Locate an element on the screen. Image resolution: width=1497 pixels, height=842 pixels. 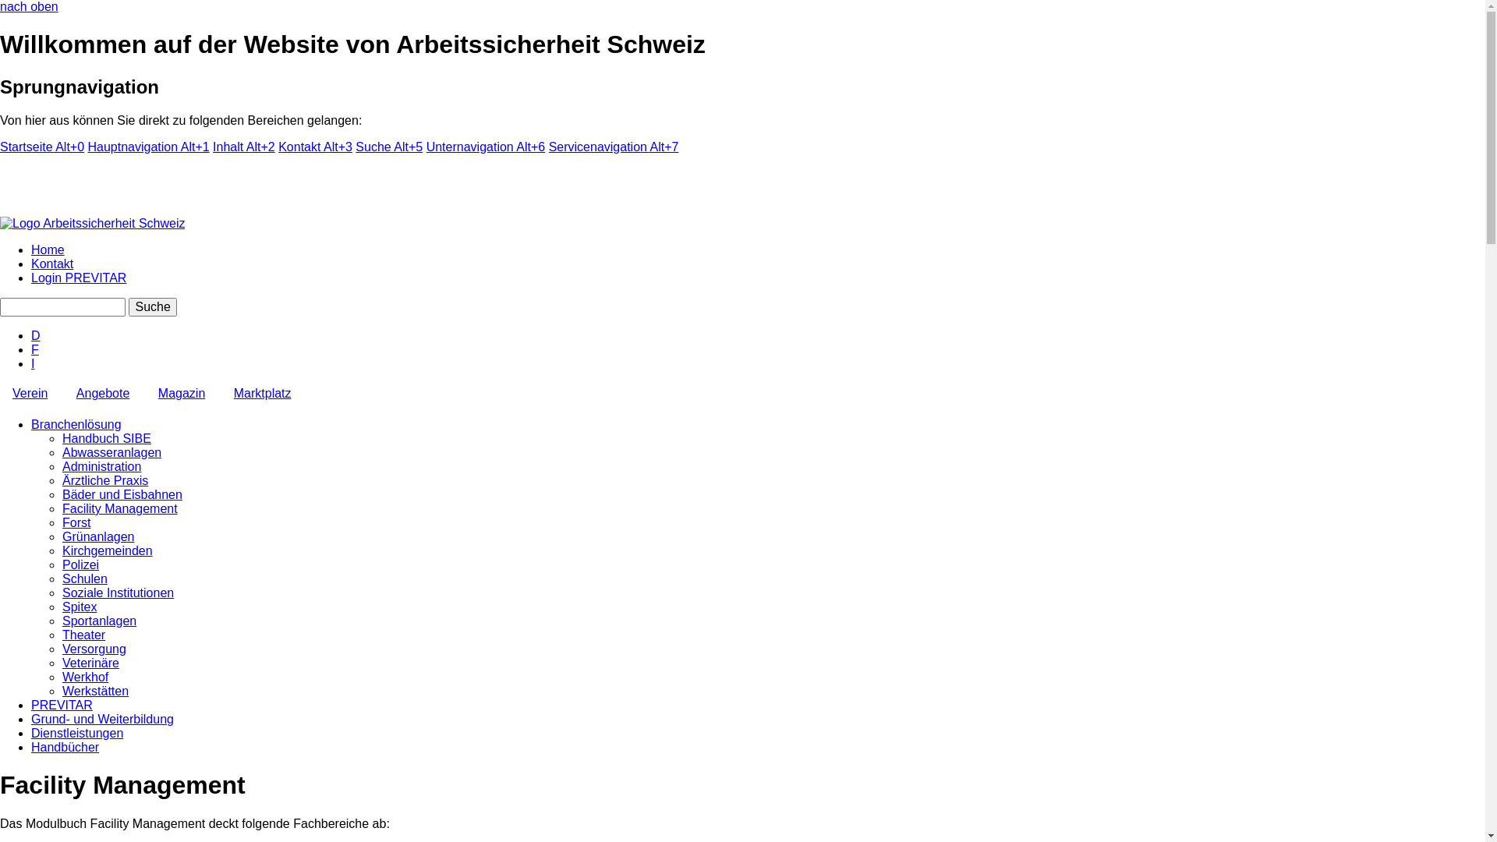
'Spitex' is located at coordinates (78, 606).